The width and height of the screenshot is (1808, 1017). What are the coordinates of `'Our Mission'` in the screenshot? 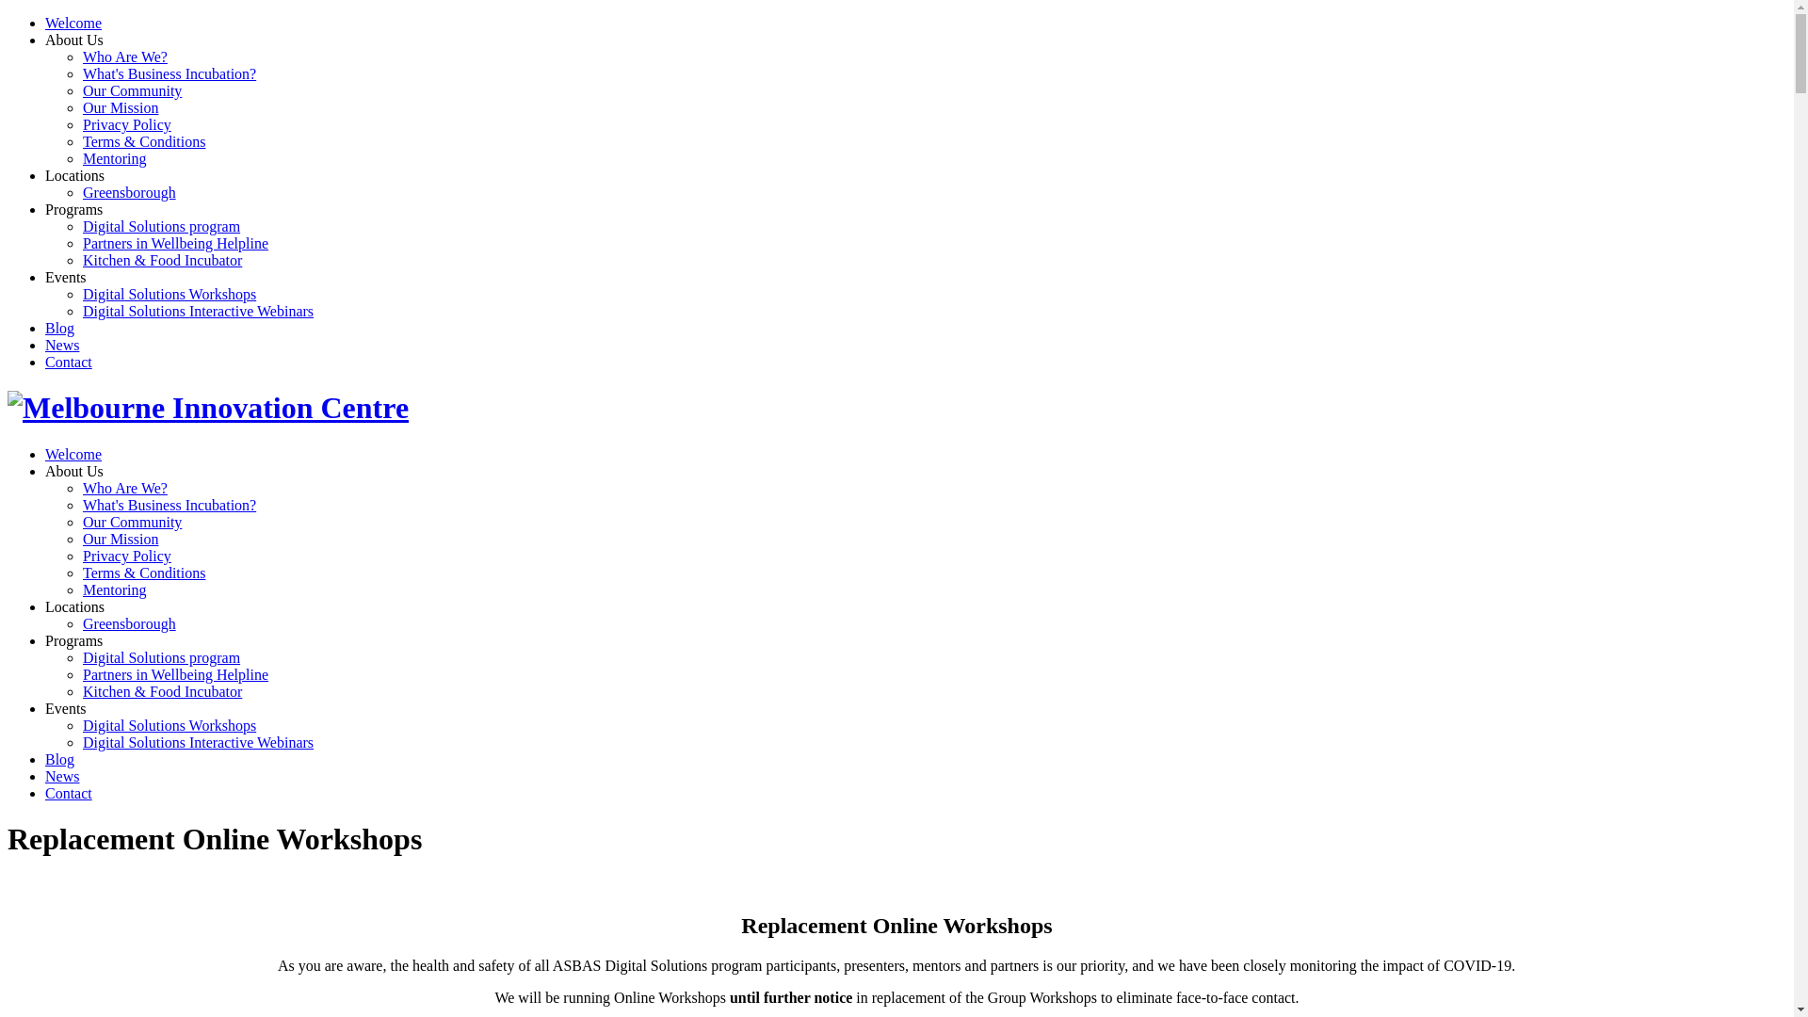 It's located at (81, 539).